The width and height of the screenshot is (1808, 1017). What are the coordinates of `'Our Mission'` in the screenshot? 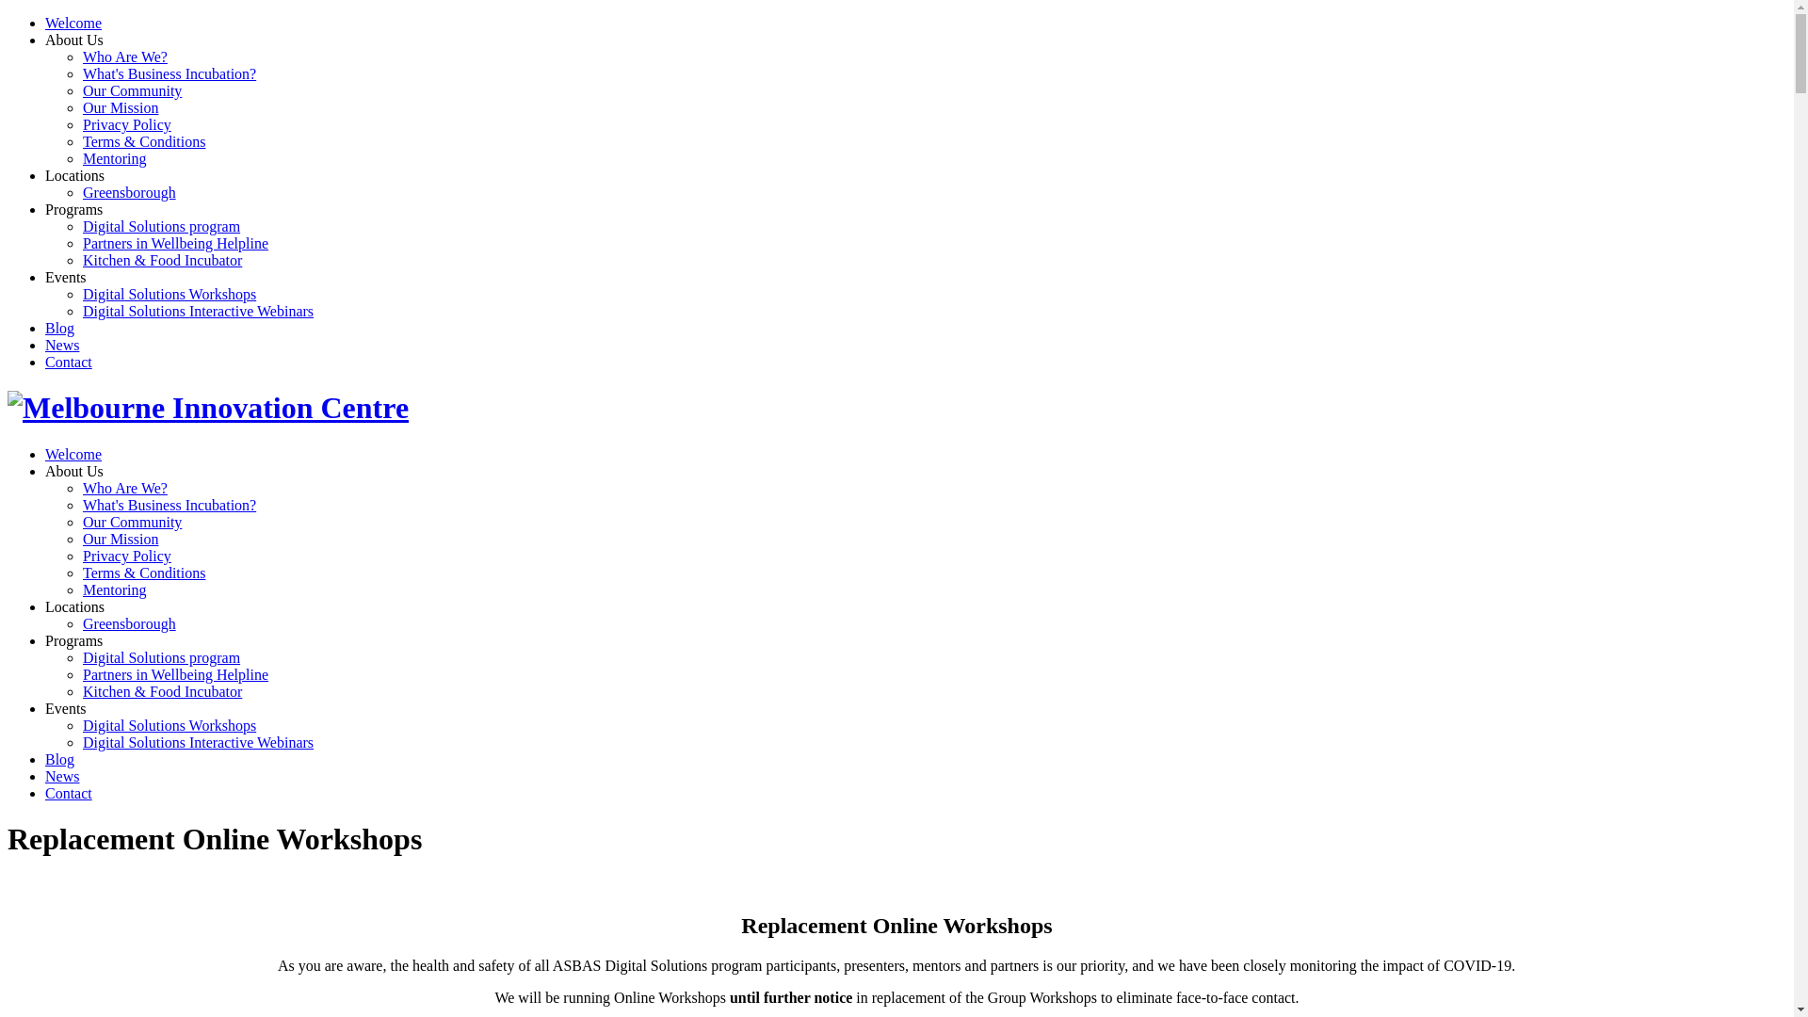 It's located at (81, 539).